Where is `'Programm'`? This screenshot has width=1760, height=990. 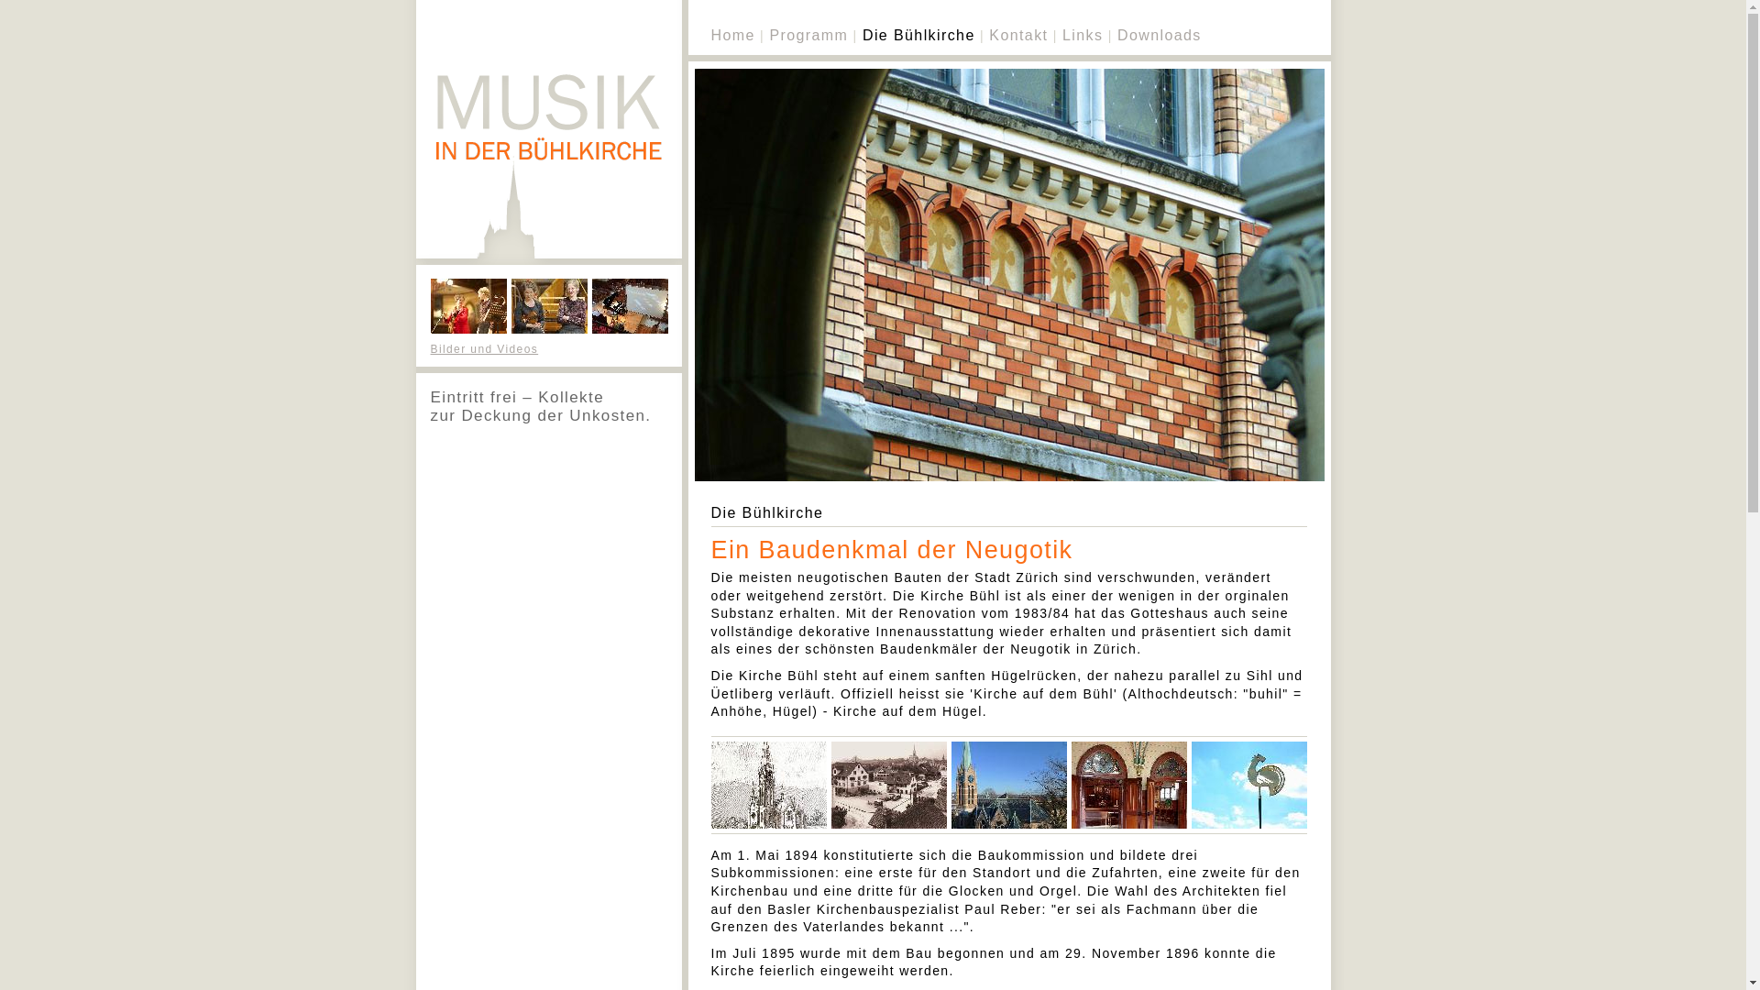 'Programm' is located at coordinates (769, 35).